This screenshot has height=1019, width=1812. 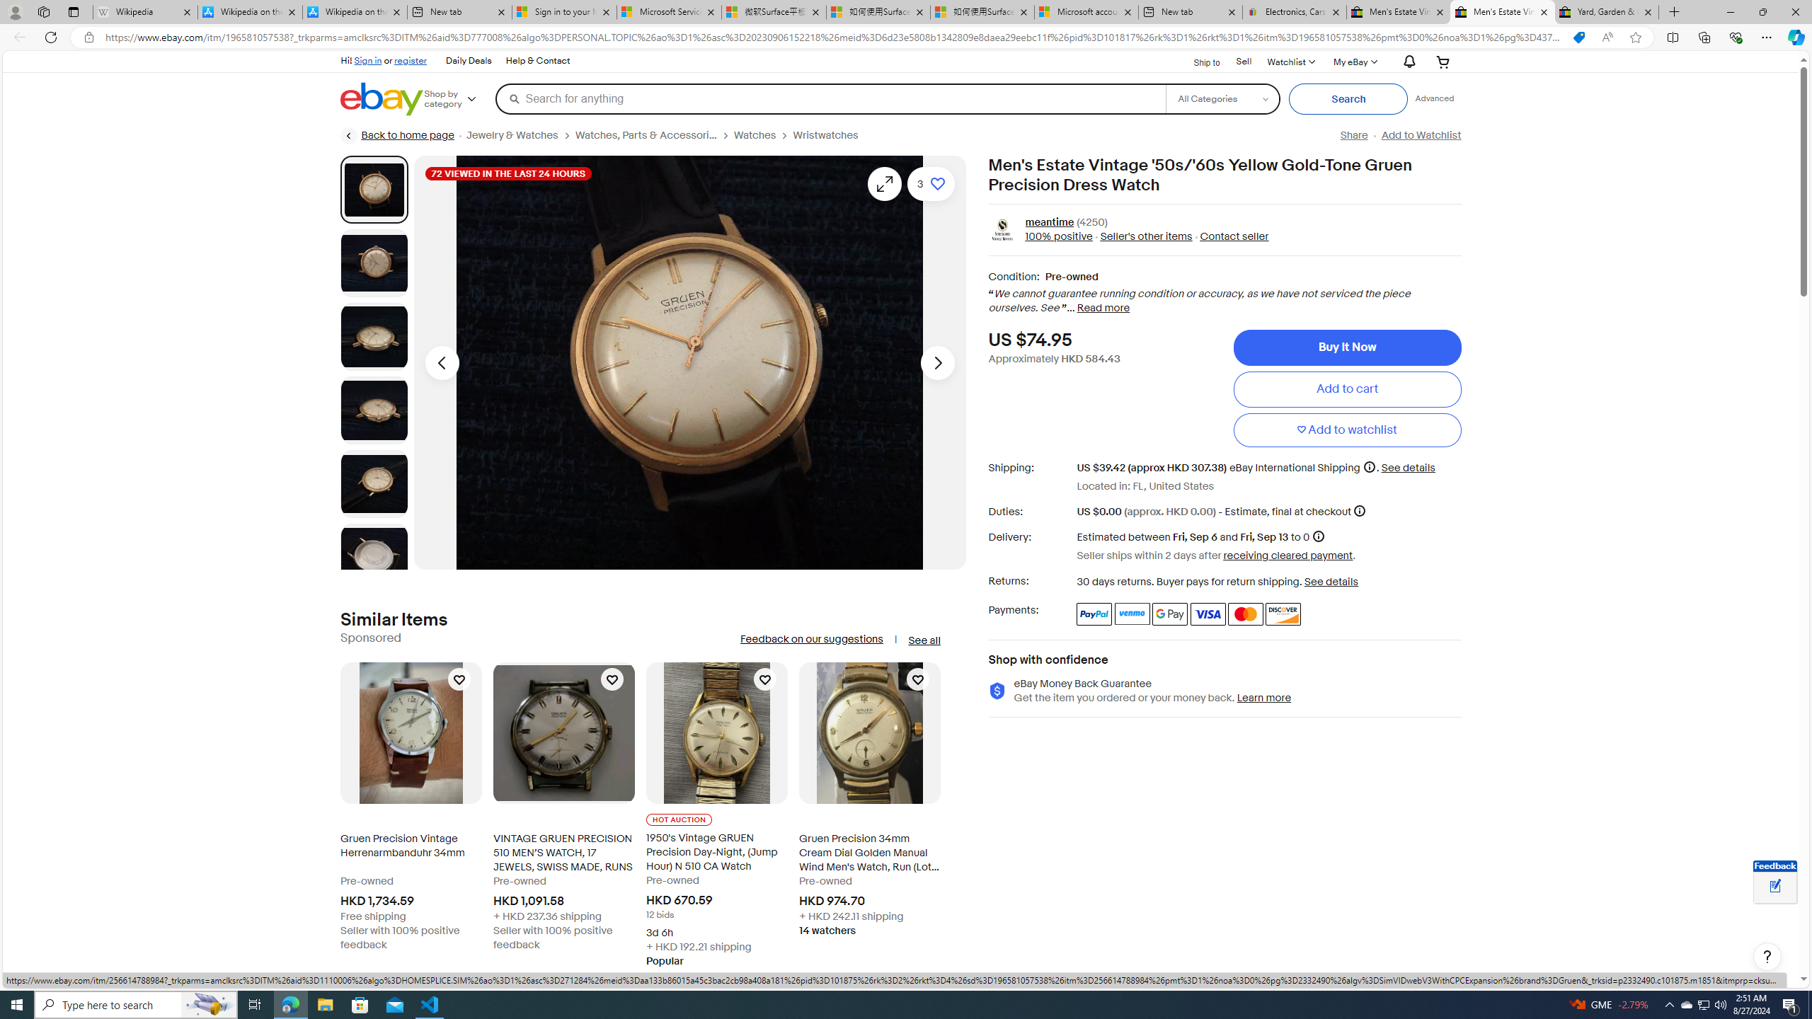 I want to click on 'Feedback on our suggestions', so click(x=810, y=639).